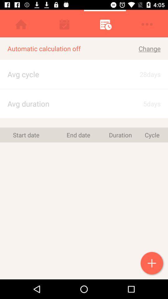 The height and width of the screenshot is (299, 168). What do you see at coordinates (63, 48) in the screenshot?
I see `the automatic calculation off` at bounding box center [63, 48].